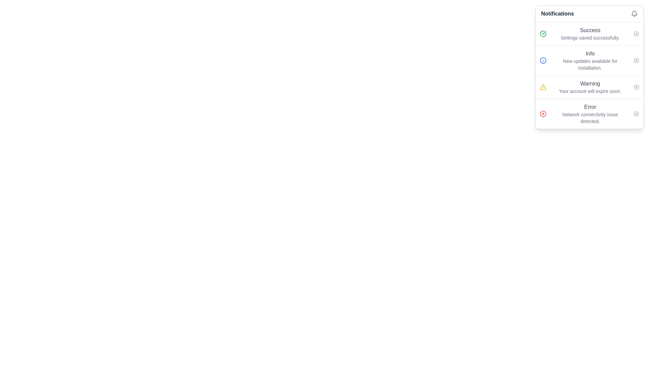  What do you see at coordinates (543, 113) in the screenshot?
I see `the error notification icon indicating a network connectivity issue, which is positioned as the leading icon of the fourth notification entry in a vertical list` at bounding box center [543, 113].